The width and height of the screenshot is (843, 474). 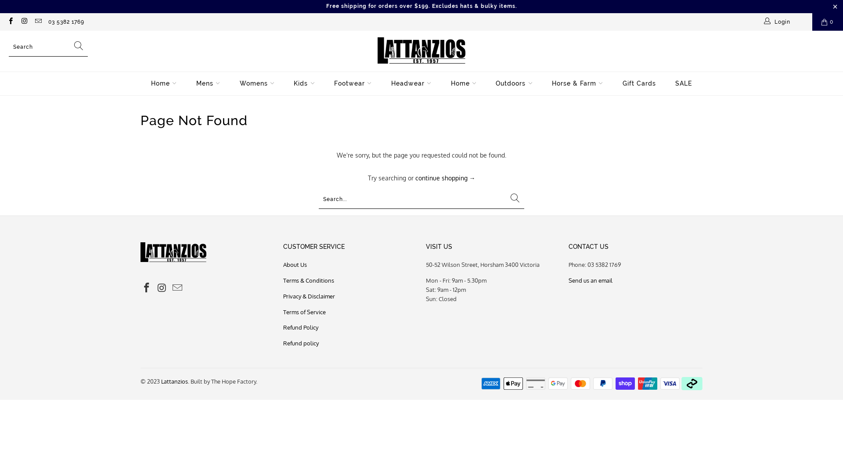 I want to click on 'Home', so click(x=151, y=83).